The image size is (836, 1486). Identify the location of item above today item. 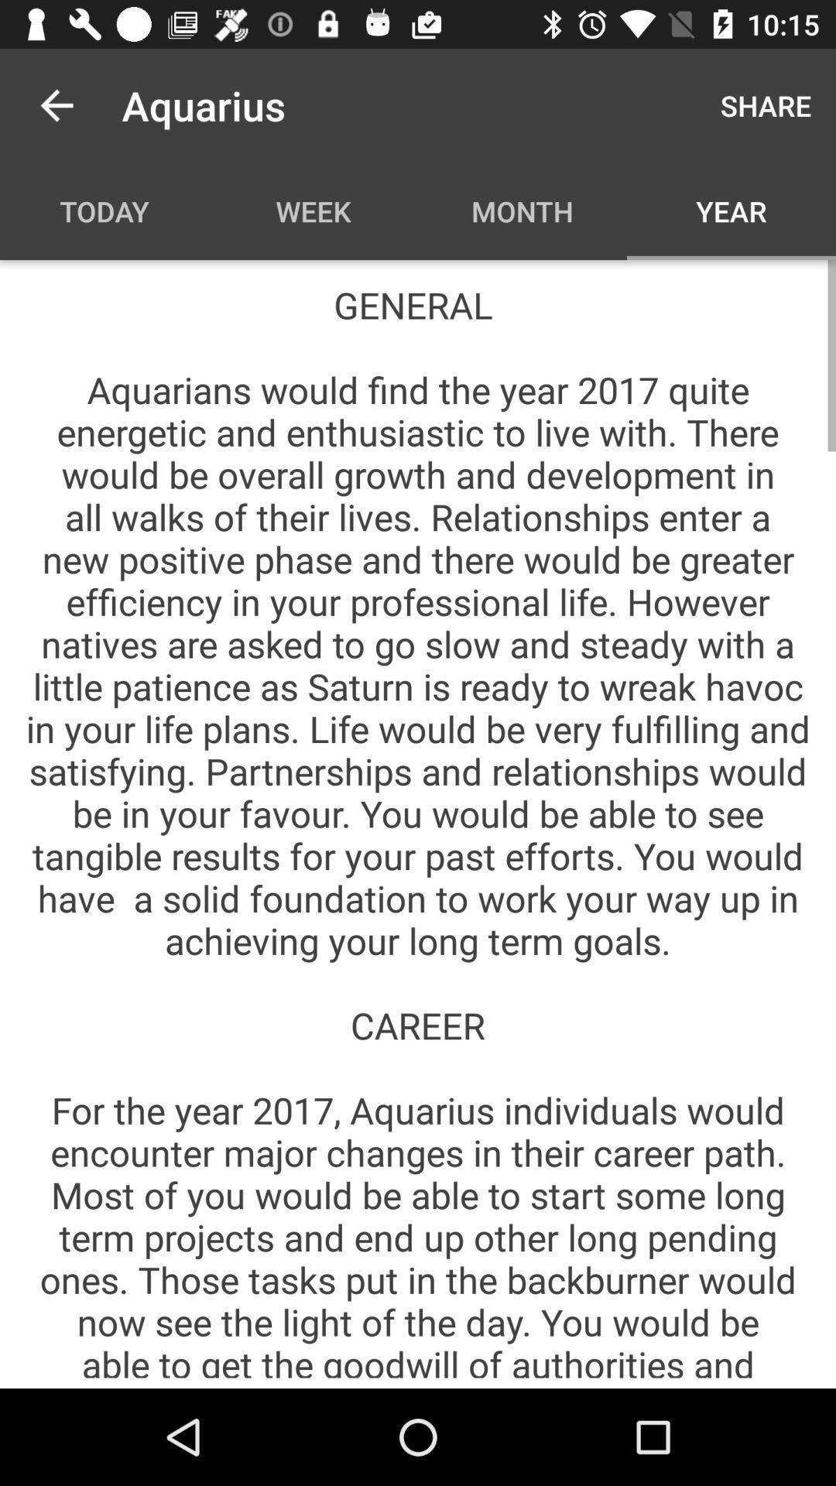
(56, 104).